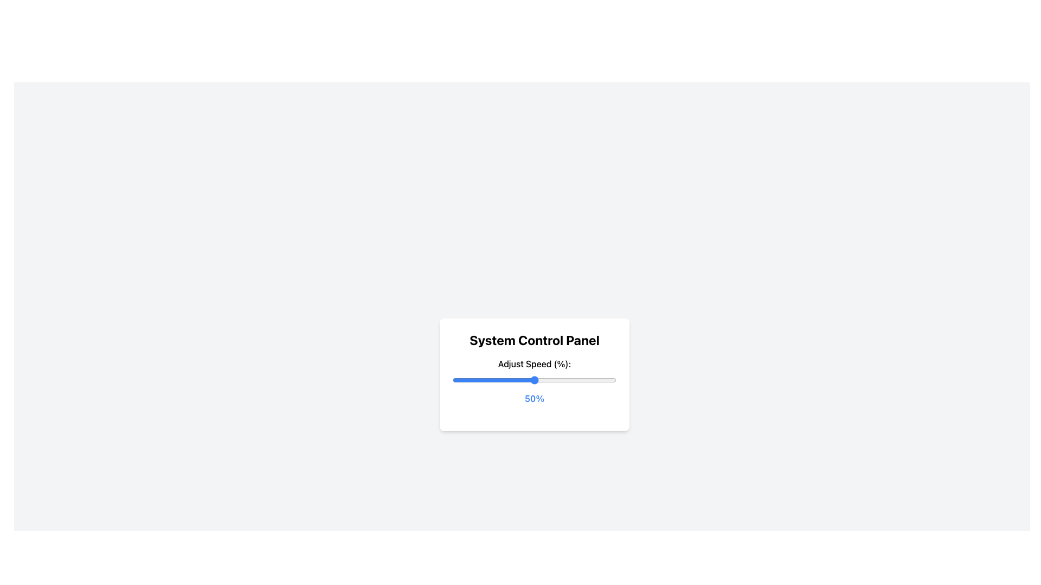 This screenshot has width=1041, height=585. I want to click on the slider value, so click(596, 380).